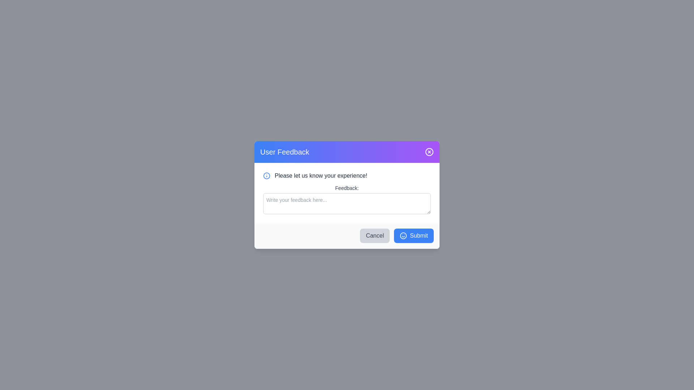 The image size is (694, 390). Describe the element at coordinates (375, 235) in the screenshot. I see `the 'Cancel' button, which is a rectangular button with gray text on a lighter gray background, located at the lower portion of a modal dialog, immediately to the left of the blue 'Submit' button, to observe the hover effect` at that location.